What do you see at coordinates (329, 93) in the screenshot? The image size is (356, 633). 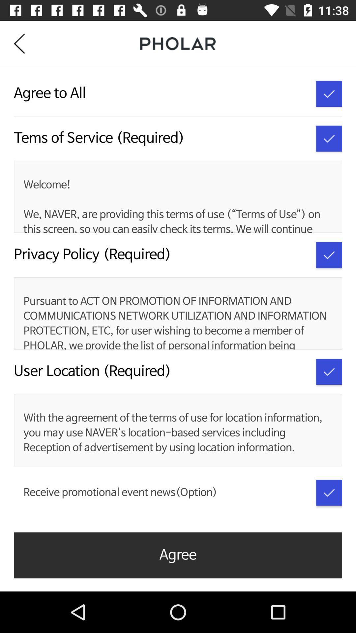 I see `agree with the terms of service` at bounding box center [329, 93].